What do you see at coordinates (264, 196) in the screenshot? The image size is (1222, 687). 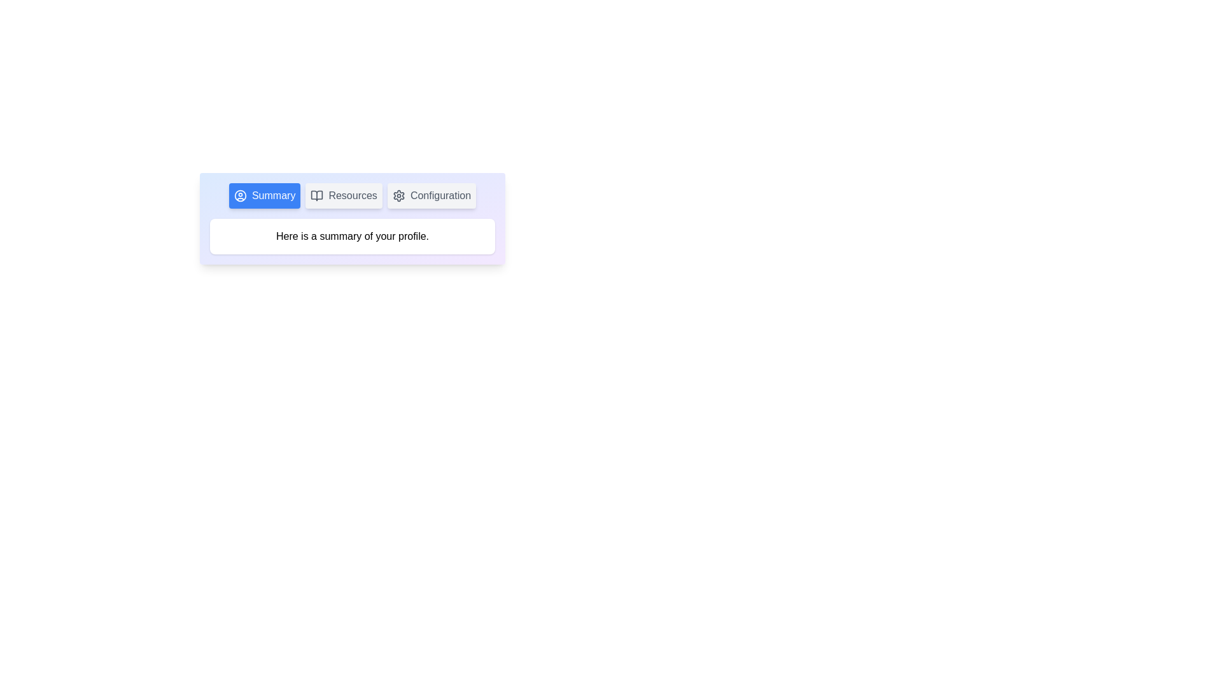 I see `the Summary tab by clicking on its button` at bounding box center [264, 196].